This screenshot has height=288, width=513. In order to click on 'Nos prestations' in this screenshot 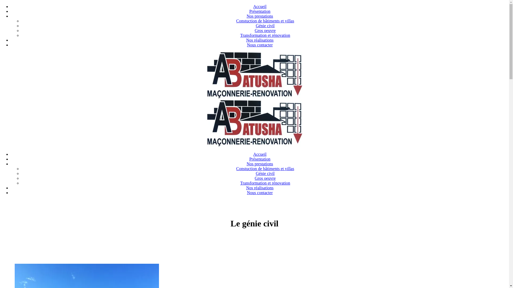, I will do `click(260, 163)`.